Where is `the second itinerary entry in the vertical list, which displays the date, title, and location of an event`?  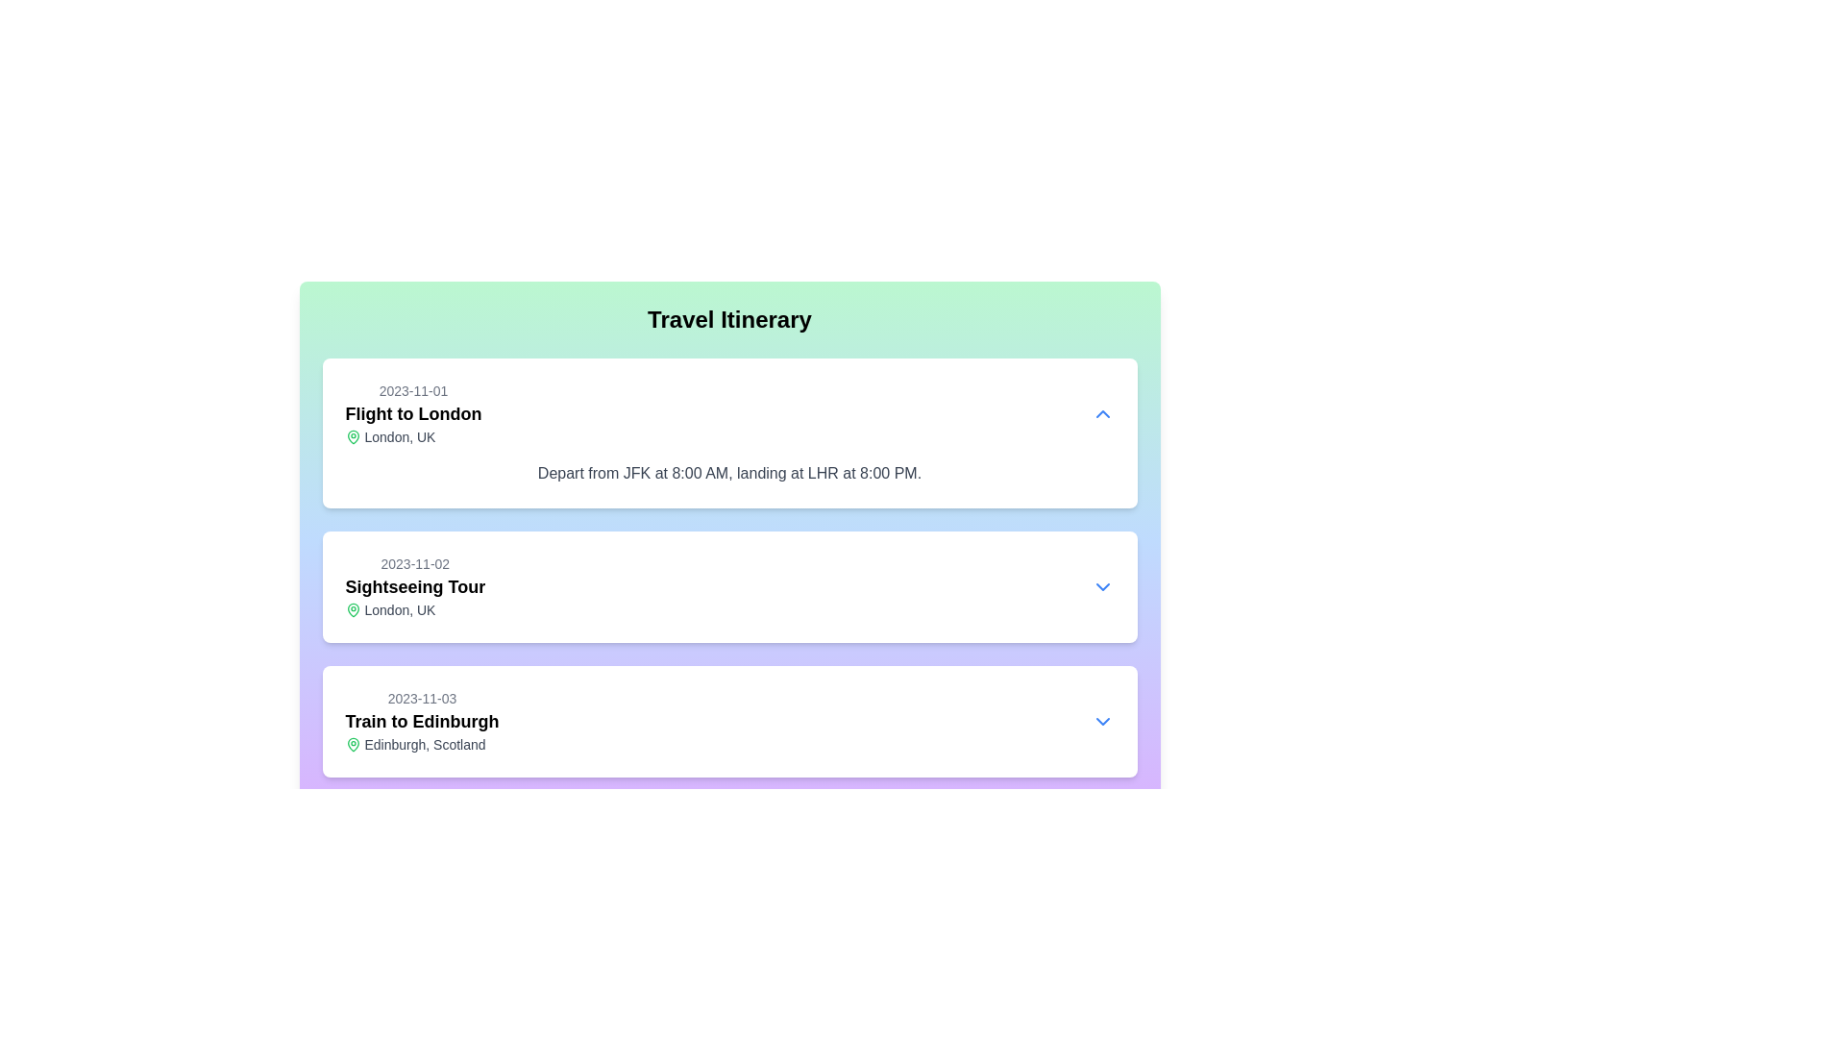 the second itinerary entry in the vertical list, which displays the date, title, and location of an event is located at coordinates (414, 585).